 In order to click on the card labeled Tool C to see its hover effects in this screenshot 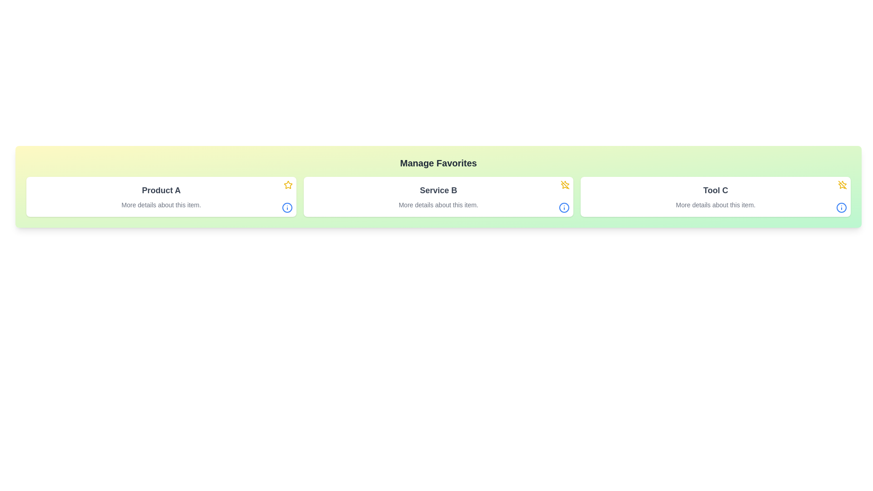, I will do `click(715, 196)`.